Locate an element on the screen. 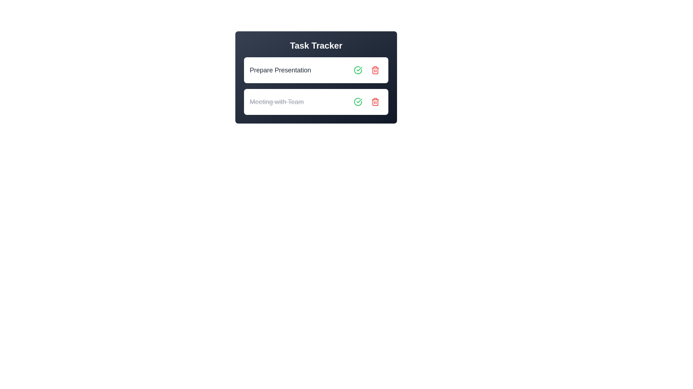 This screenshot has width=693, height=389. the green checkmark icon within the circular SVG graphic that is part of the 'Meeting with Team' task interface by moving the cursor to its center point is located at coordinates (359, 69).